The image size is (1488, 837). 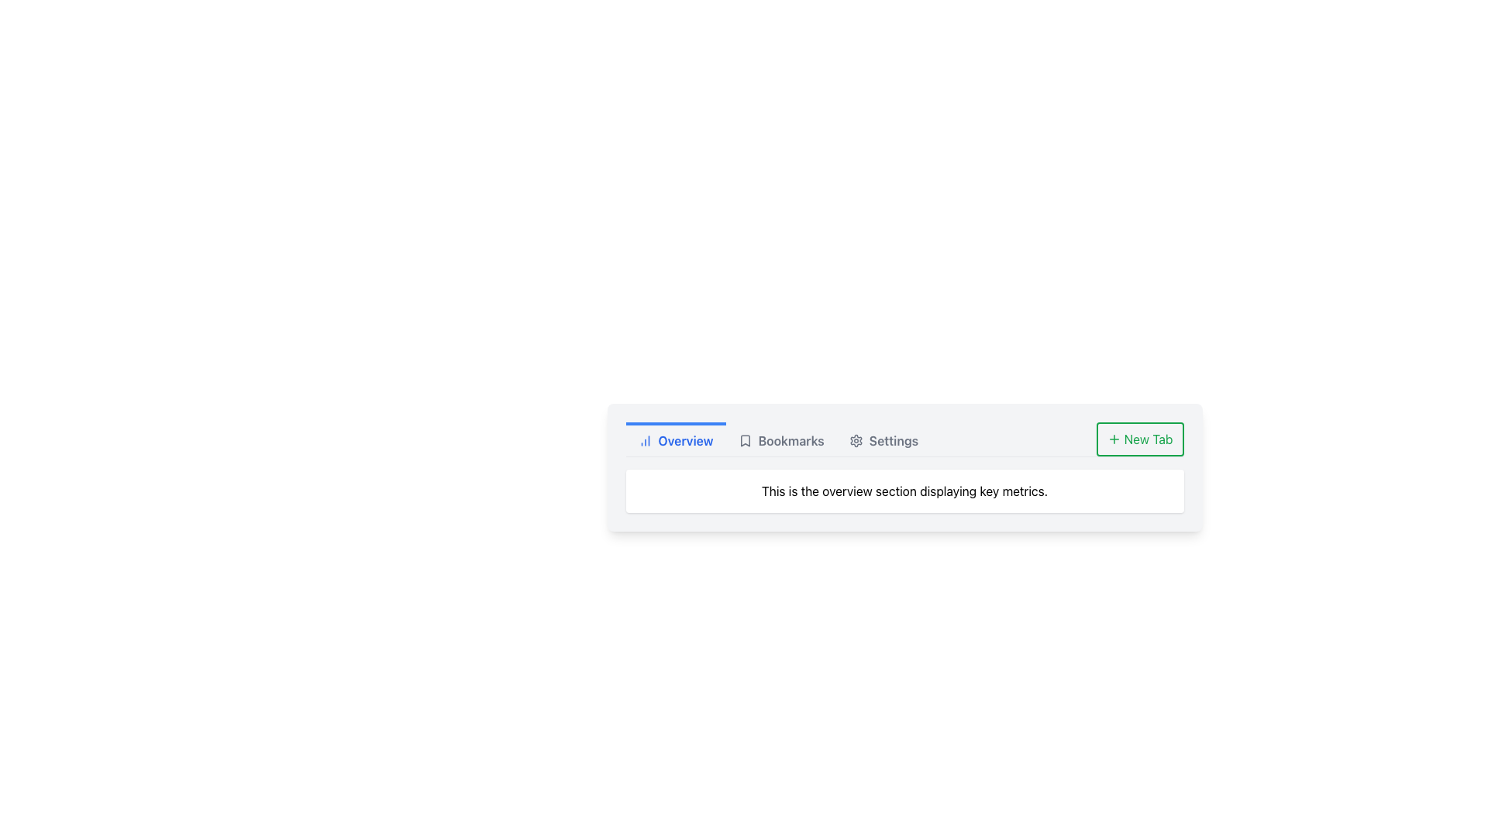 I want to click on the 'New Tab' button, which is a rectangular button with green text and a '+' icon, located at the far right of the top navigation bar, so click(x=1140, y=439).